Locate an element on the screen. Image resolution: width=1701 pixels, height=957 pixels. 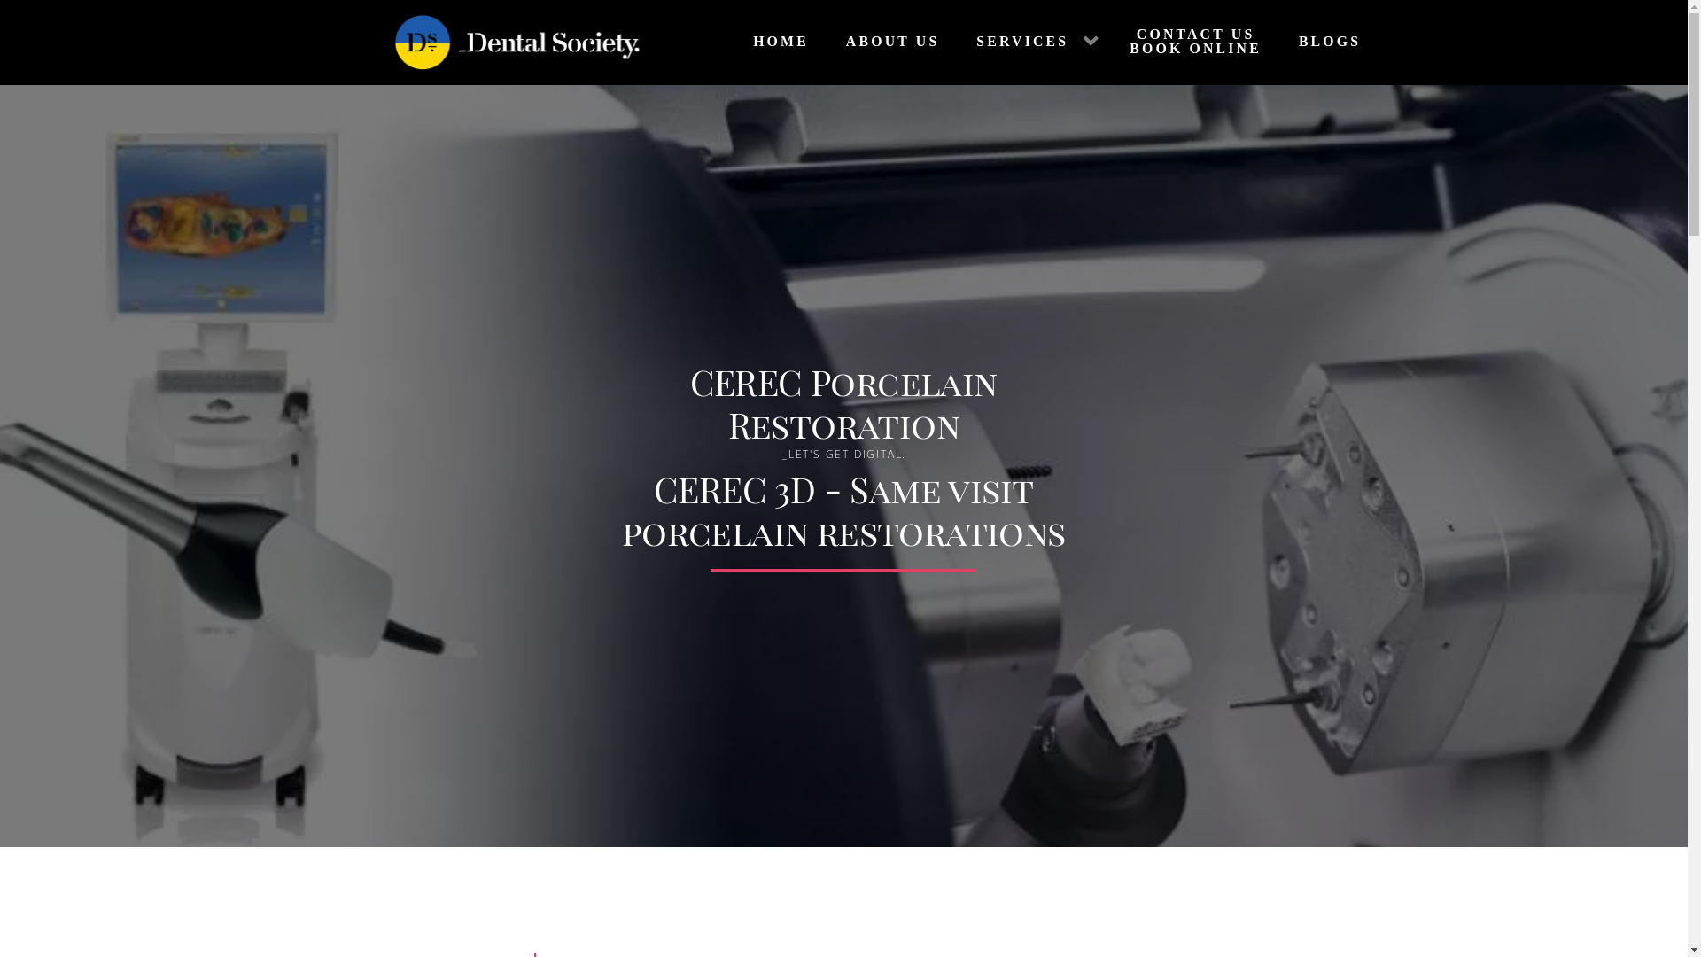
'CONTACT US is located at coordinates (1192, 41).